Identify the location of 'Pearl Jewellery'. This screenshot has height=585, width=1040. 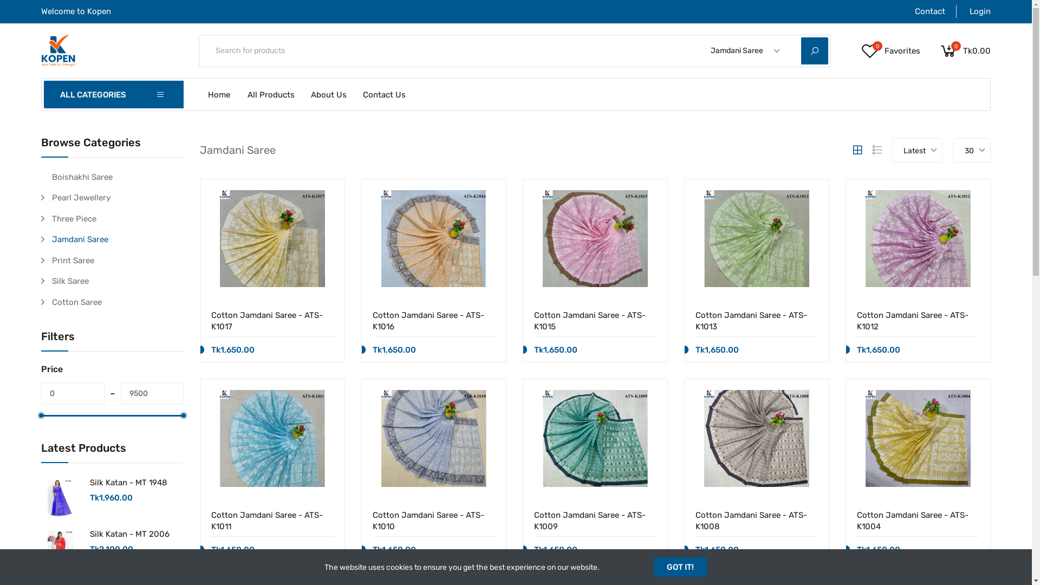
(118, 198).